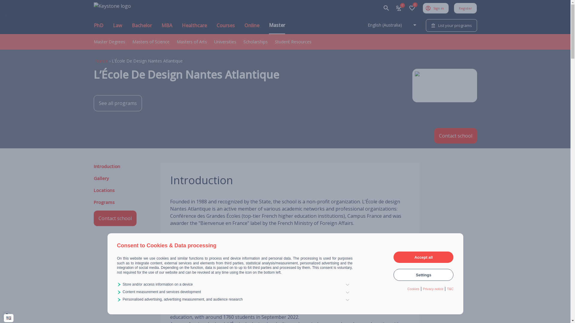 The height and width of the screenshot is (323, 575). What do you see at coordinates (94, 61) in the screenshot?
I see `'France'` at bounding box center [94, 61].